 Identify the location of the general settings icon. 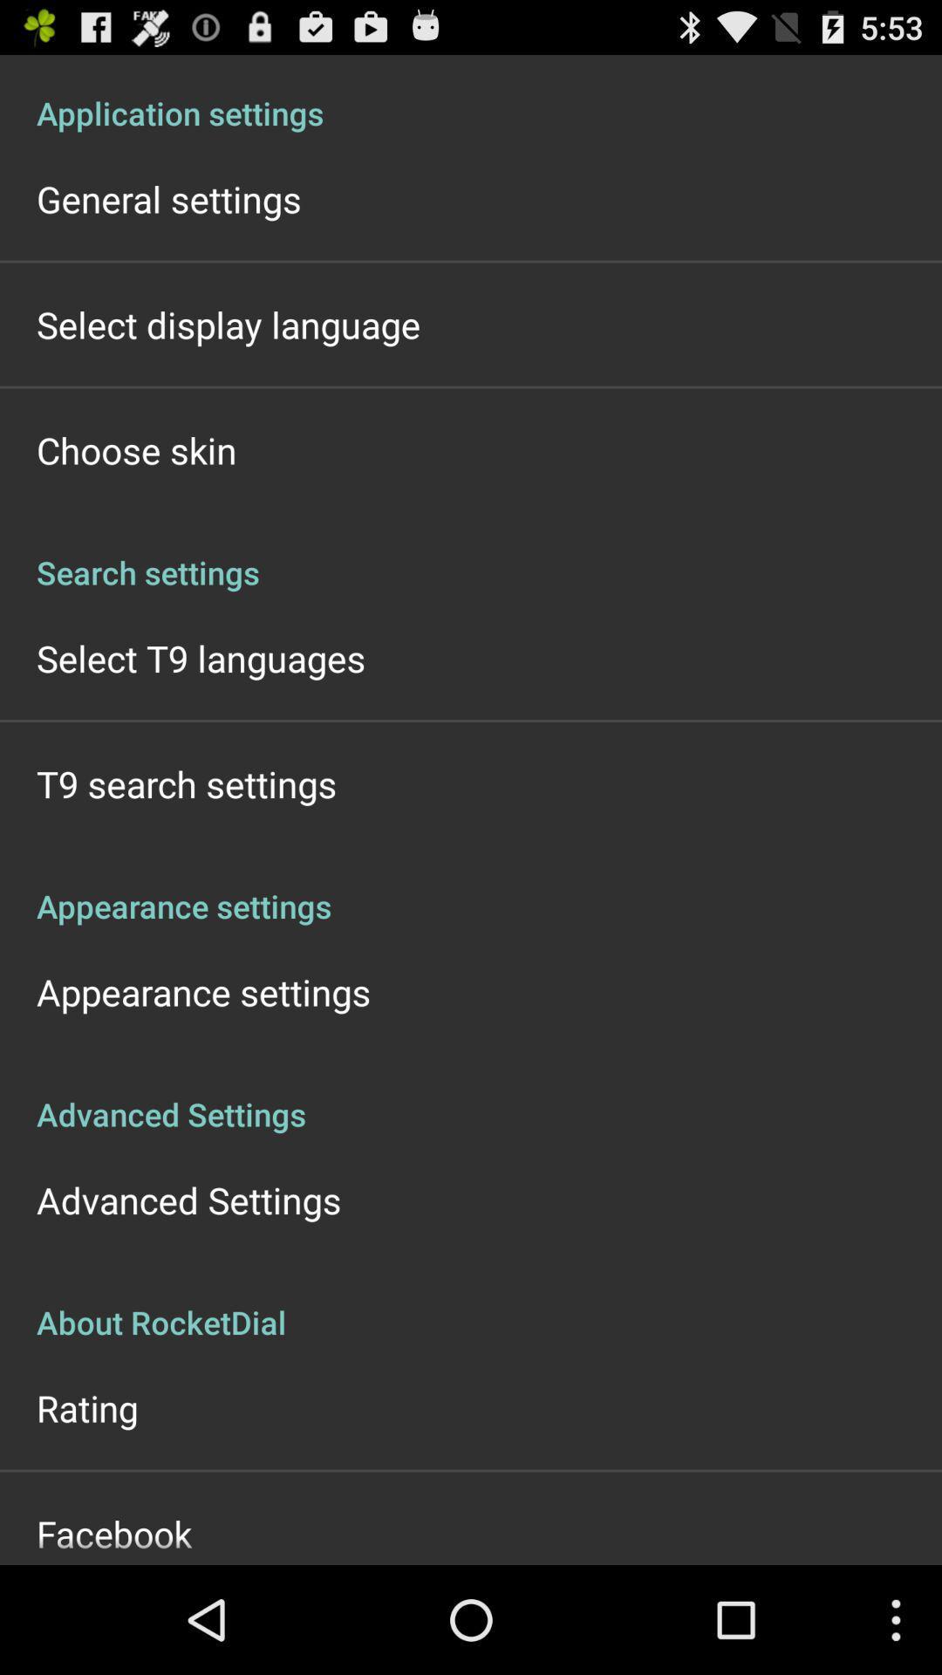
(168, 199).